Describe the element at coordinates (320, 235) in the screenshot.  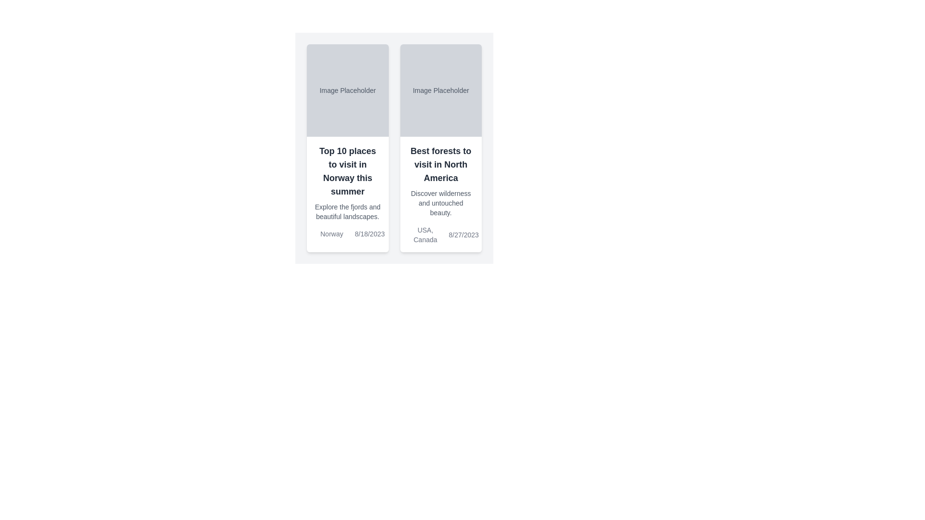
I see `the map pin icon located towards the bottom left of the card titled 'Top 10 places to visit in Norway this summer', slightly above the text 'Norway' and the date '8/18/2023'` at that location.